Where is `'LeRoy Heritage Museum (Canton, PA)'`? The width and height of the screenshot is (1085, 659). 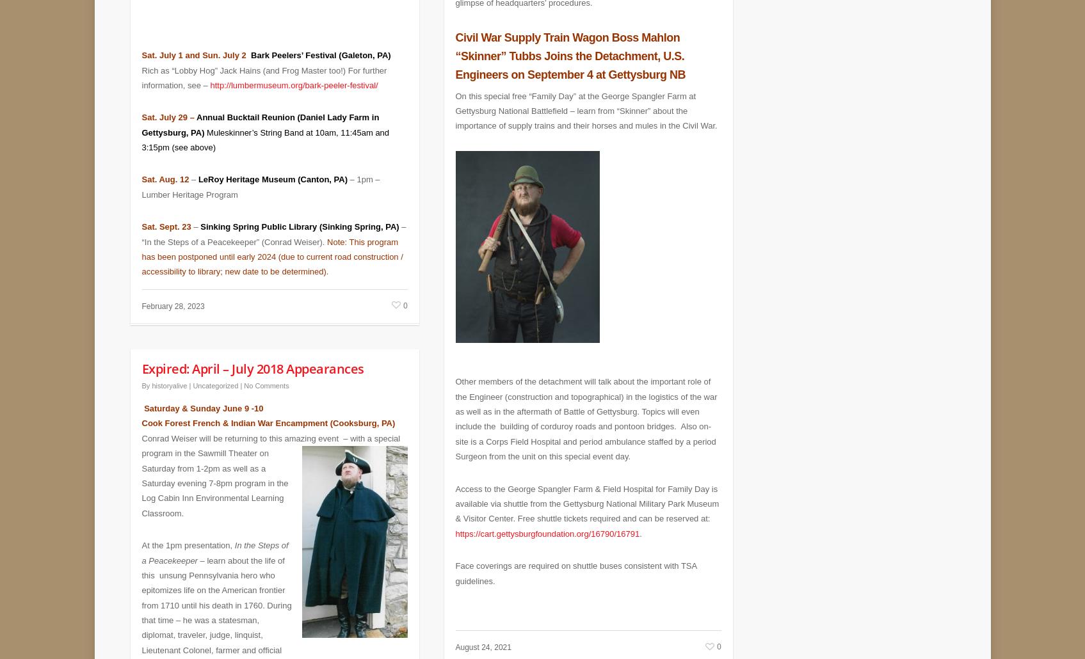
'LeRoy Heritage Museum (Canton, PA)' is located at coordinates (197, 170).